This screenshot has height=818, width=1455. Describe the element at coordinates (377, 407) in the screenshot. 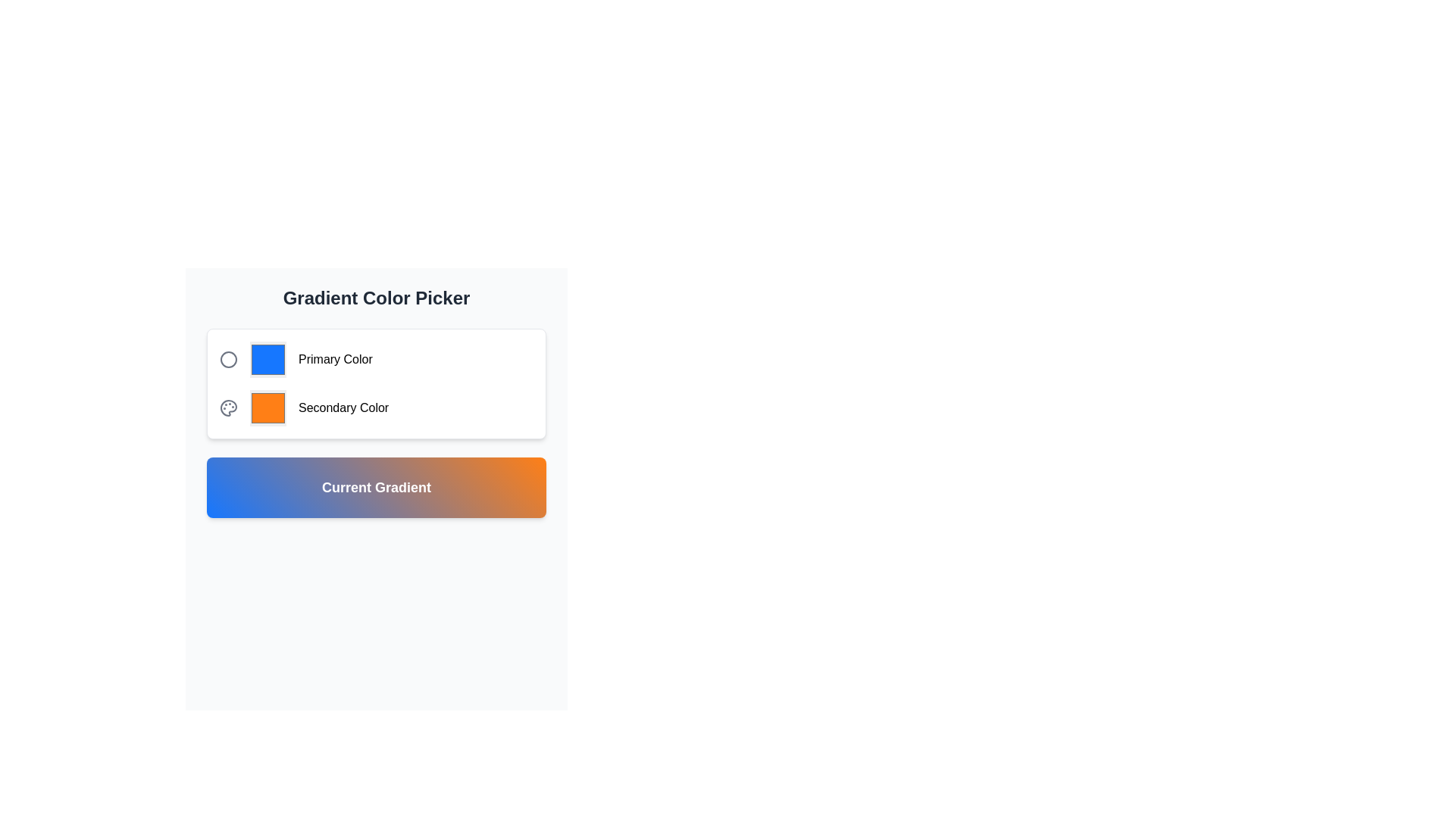

I see `the interactive color input box labeled 'Secondary Color'` at that location.